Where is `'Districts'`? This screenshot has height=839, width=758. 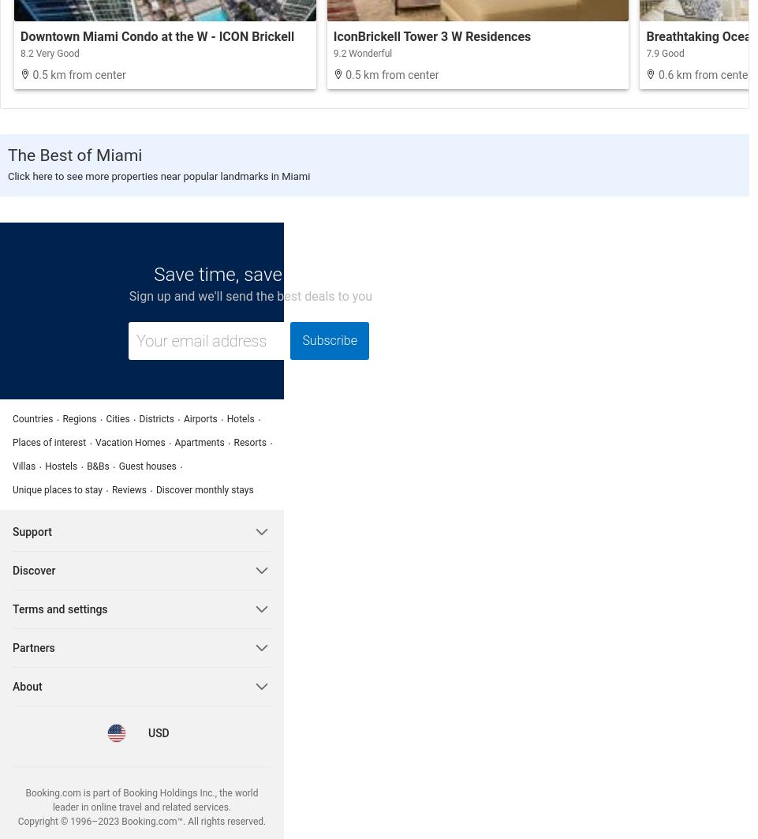
'Districts' is located at coordinates (155, 418).